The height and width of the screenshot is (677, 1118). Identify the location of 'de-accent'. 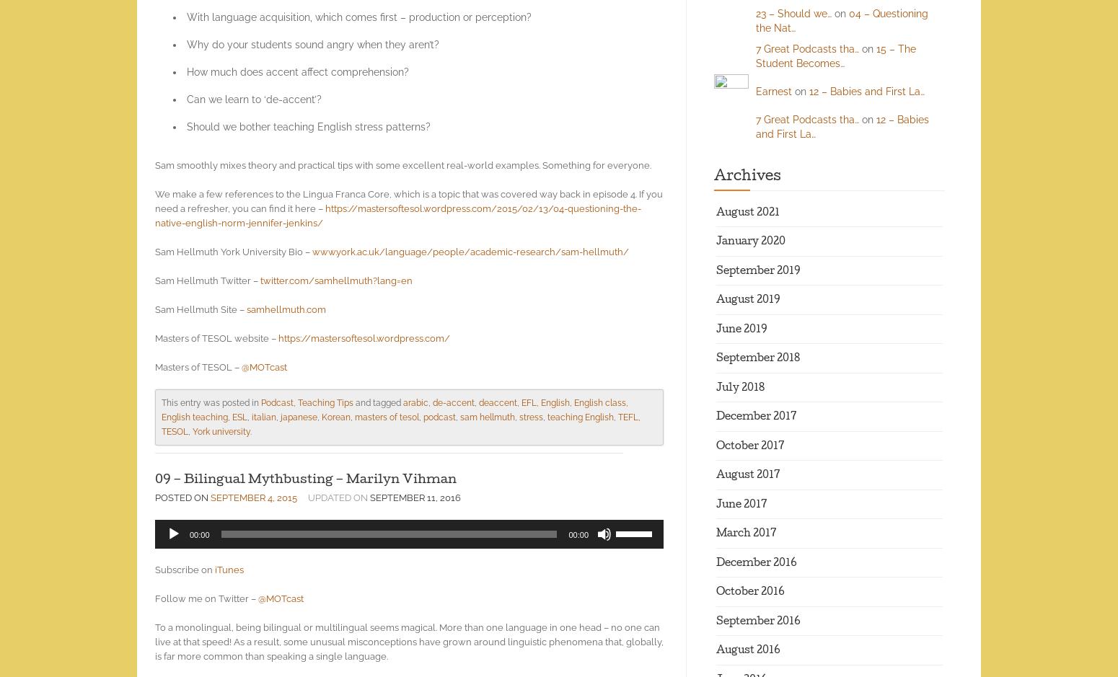
(452, 402).